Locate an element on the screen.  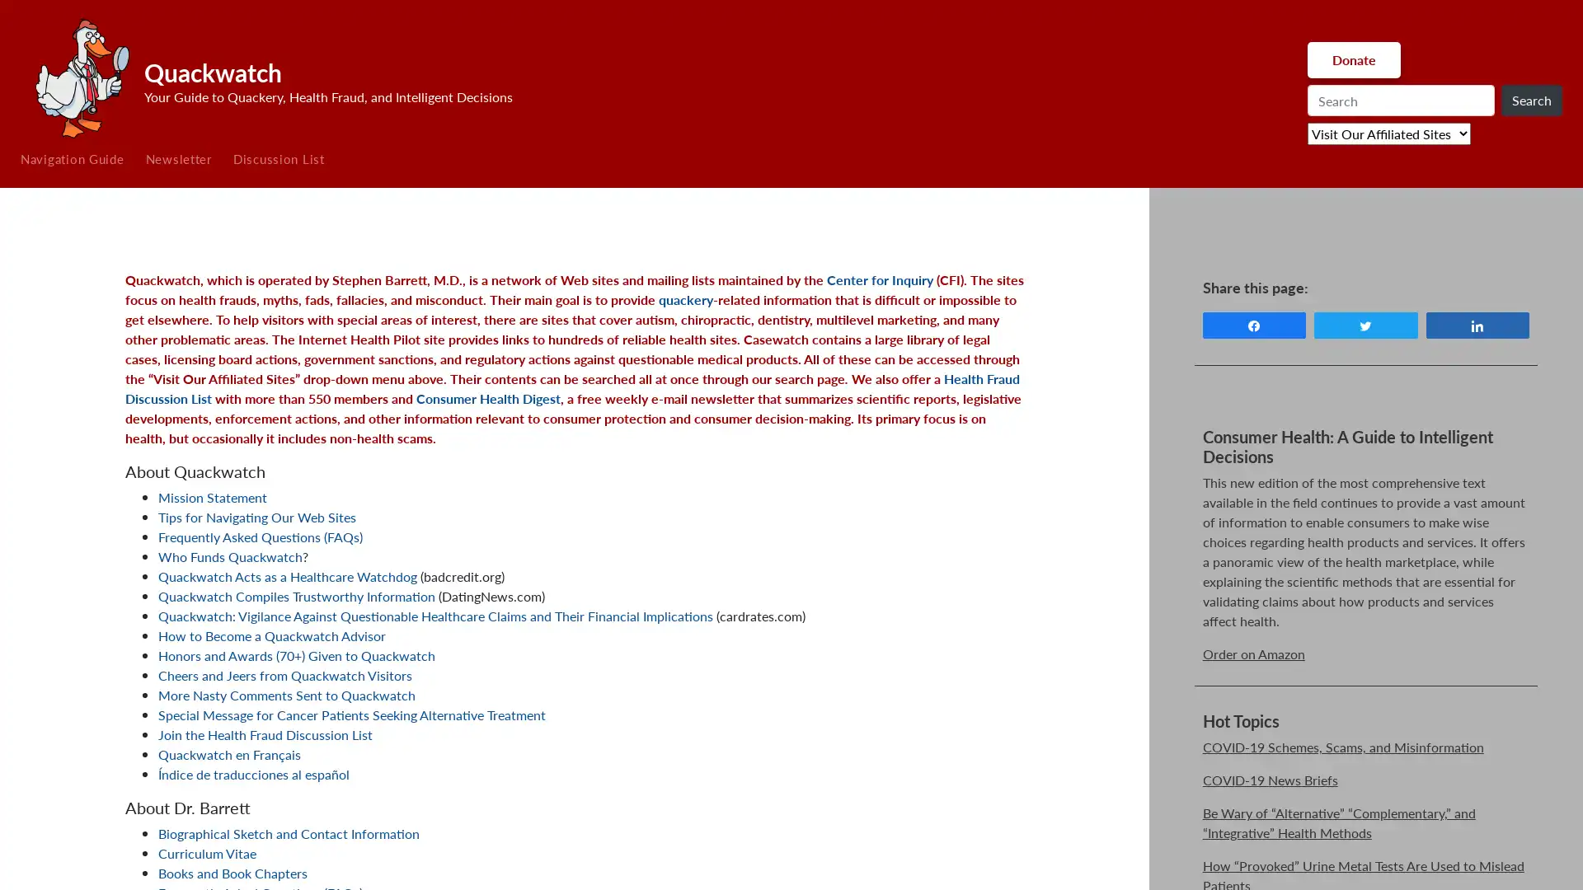
Donate is located at coordinates (1353, 59).